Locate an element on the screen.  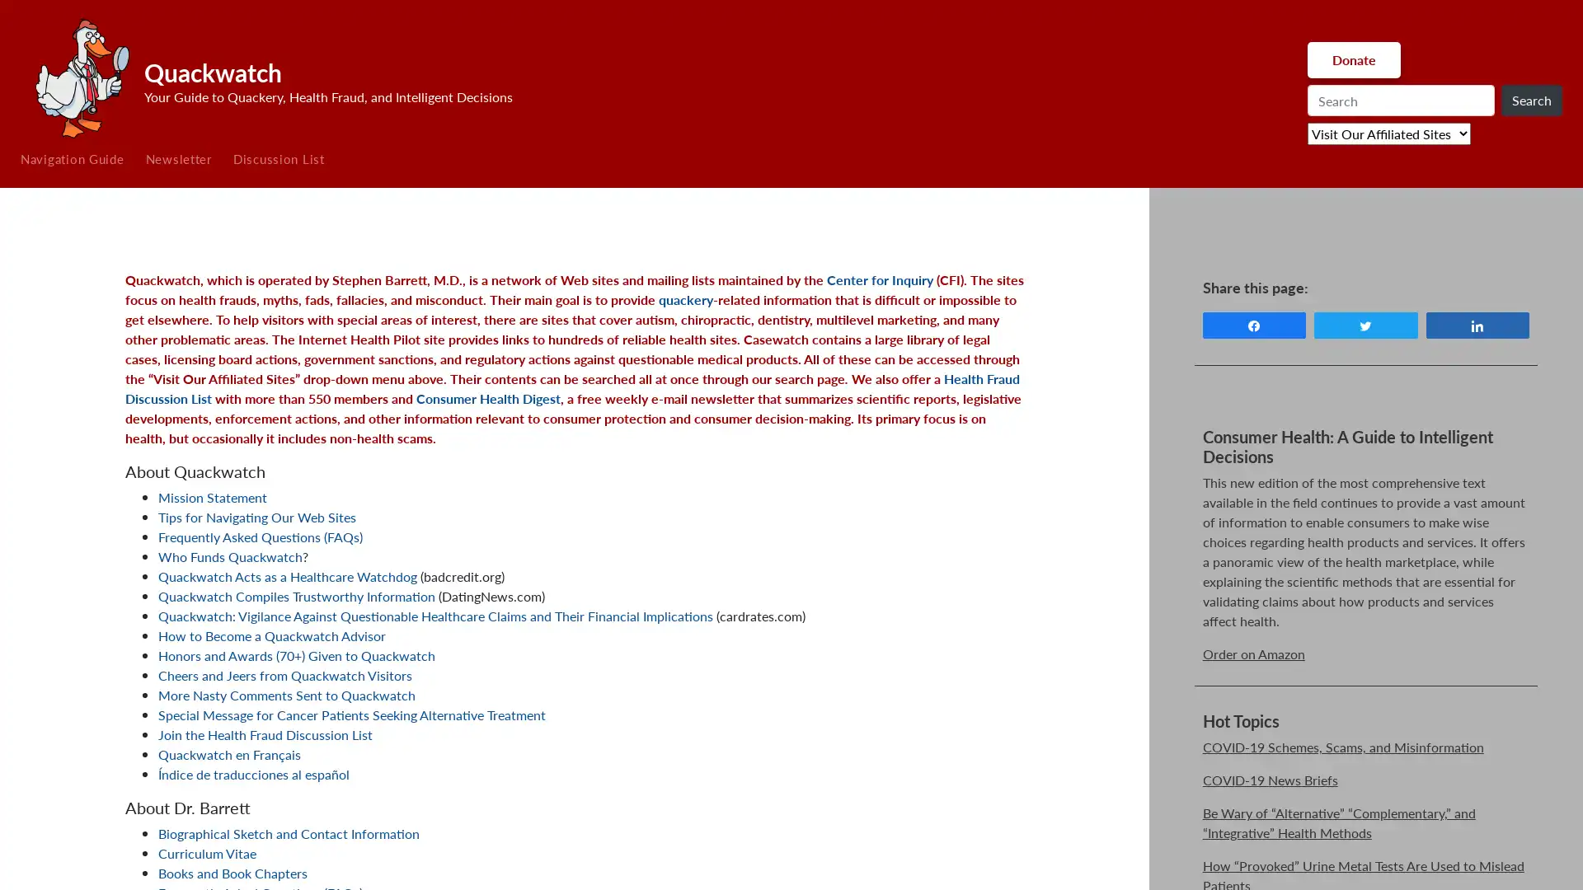
Donate is located at coordinates (1353, 59).